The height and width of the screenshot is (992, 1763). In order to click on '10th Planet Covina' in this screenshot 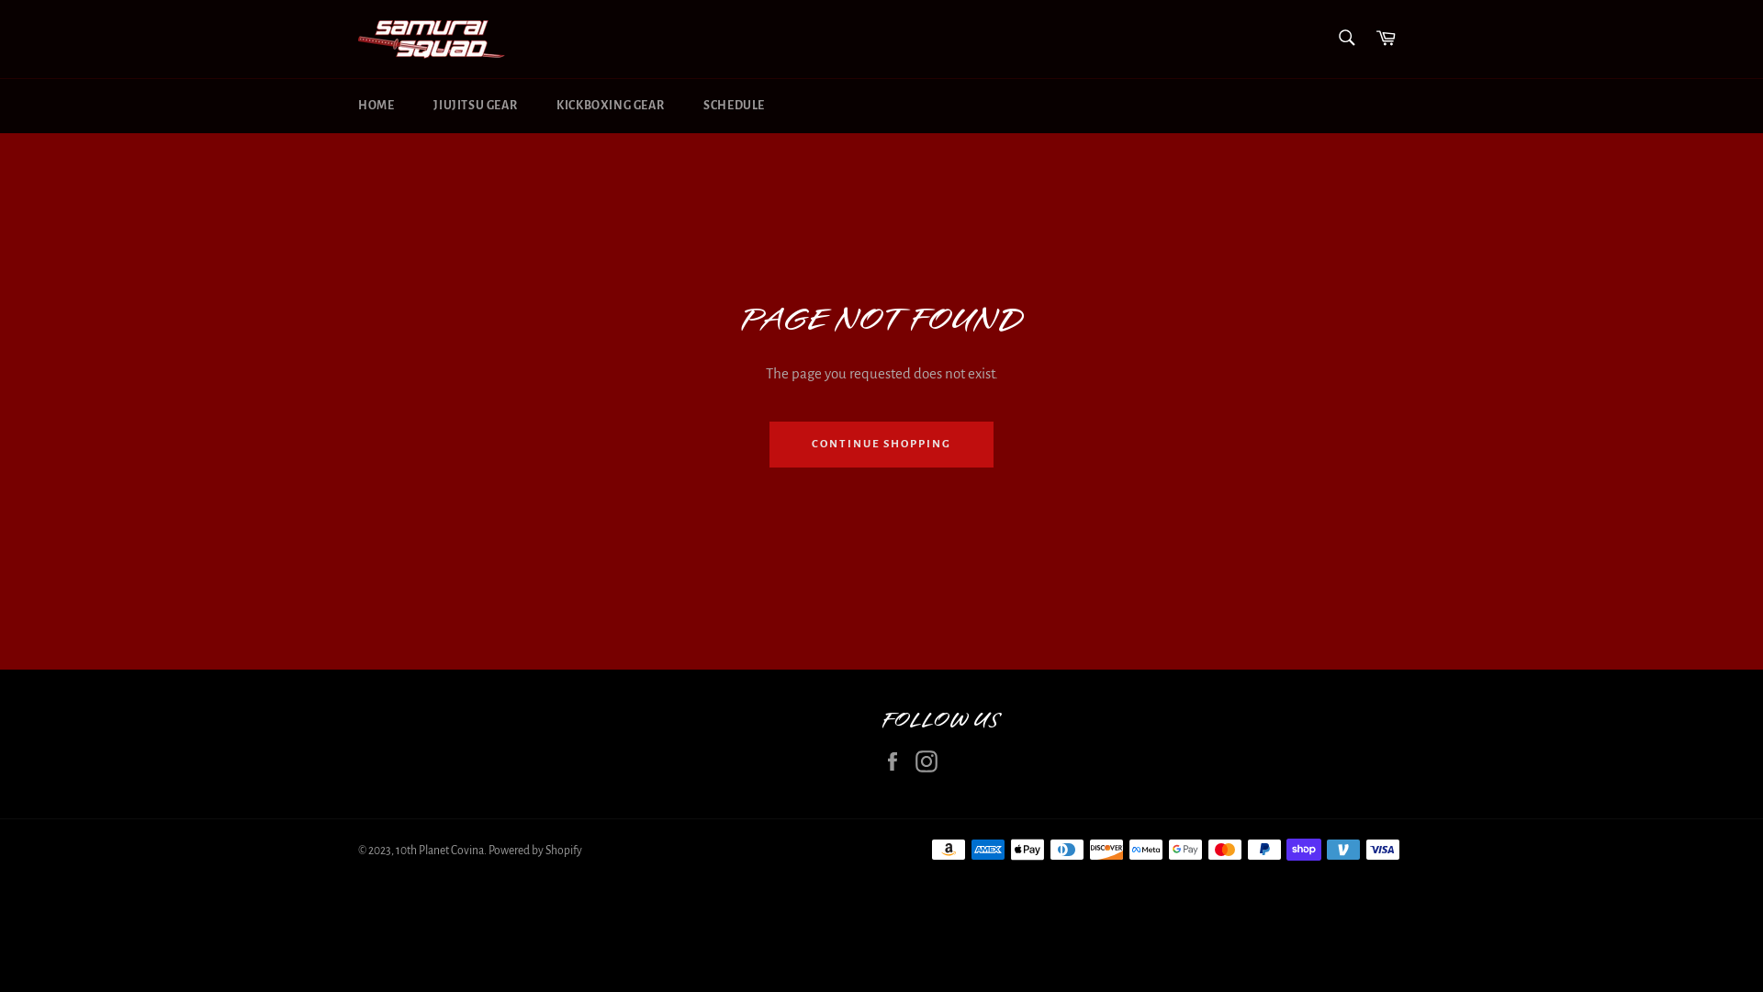, I will do `click(395, 850)`.